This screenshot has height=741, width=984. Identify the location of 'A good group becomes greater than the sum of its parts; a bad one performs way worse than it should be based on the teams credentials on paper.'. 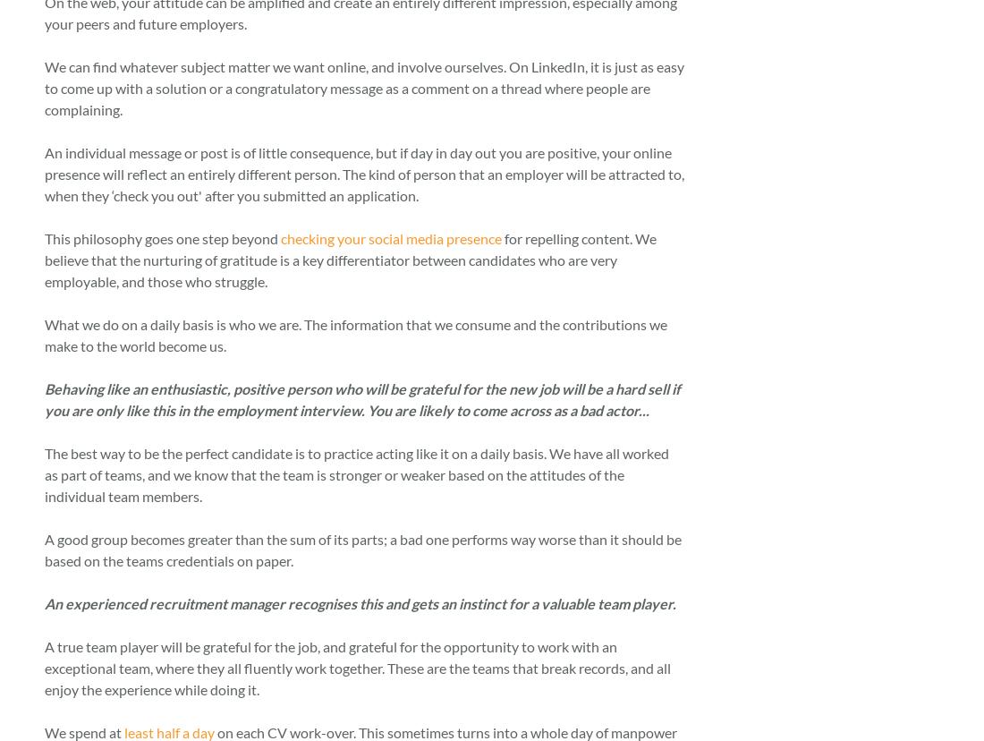
(363, 548).